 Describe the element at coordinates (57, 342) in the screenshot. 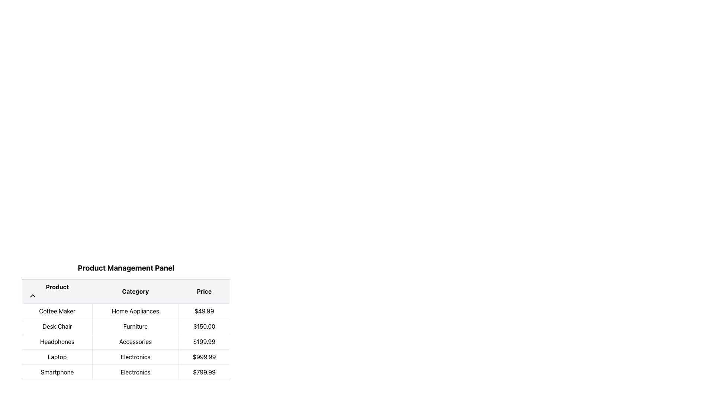

I see `the Table Cell that represents the product name 'Headphones' in the 'Product Management Panel' table, located in the third row under the 'Product' column` at that location.